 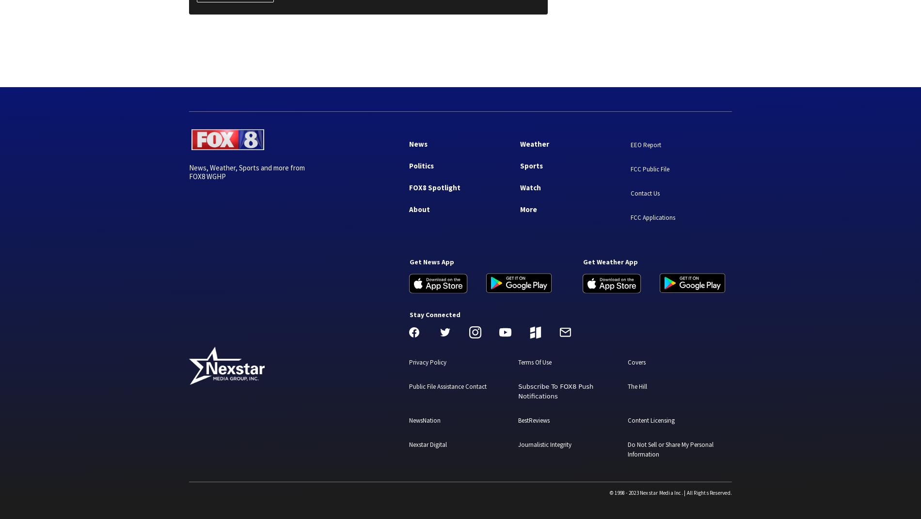 I want to click on 'Do Not Sell or Share My Personal Information', so click(x=627, y=449).